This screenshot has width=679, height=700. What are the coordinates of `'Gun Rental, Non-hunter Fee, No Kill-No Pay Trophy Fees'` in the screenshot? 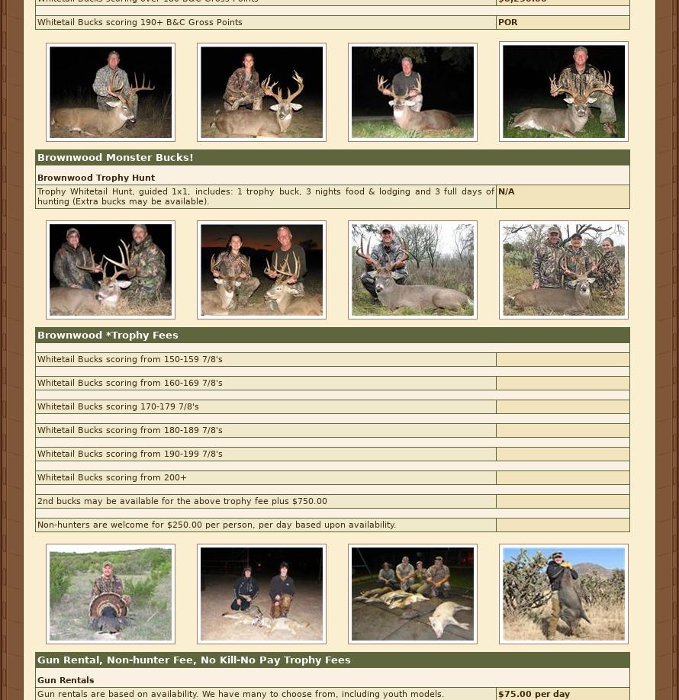 It's located at (193, 659).